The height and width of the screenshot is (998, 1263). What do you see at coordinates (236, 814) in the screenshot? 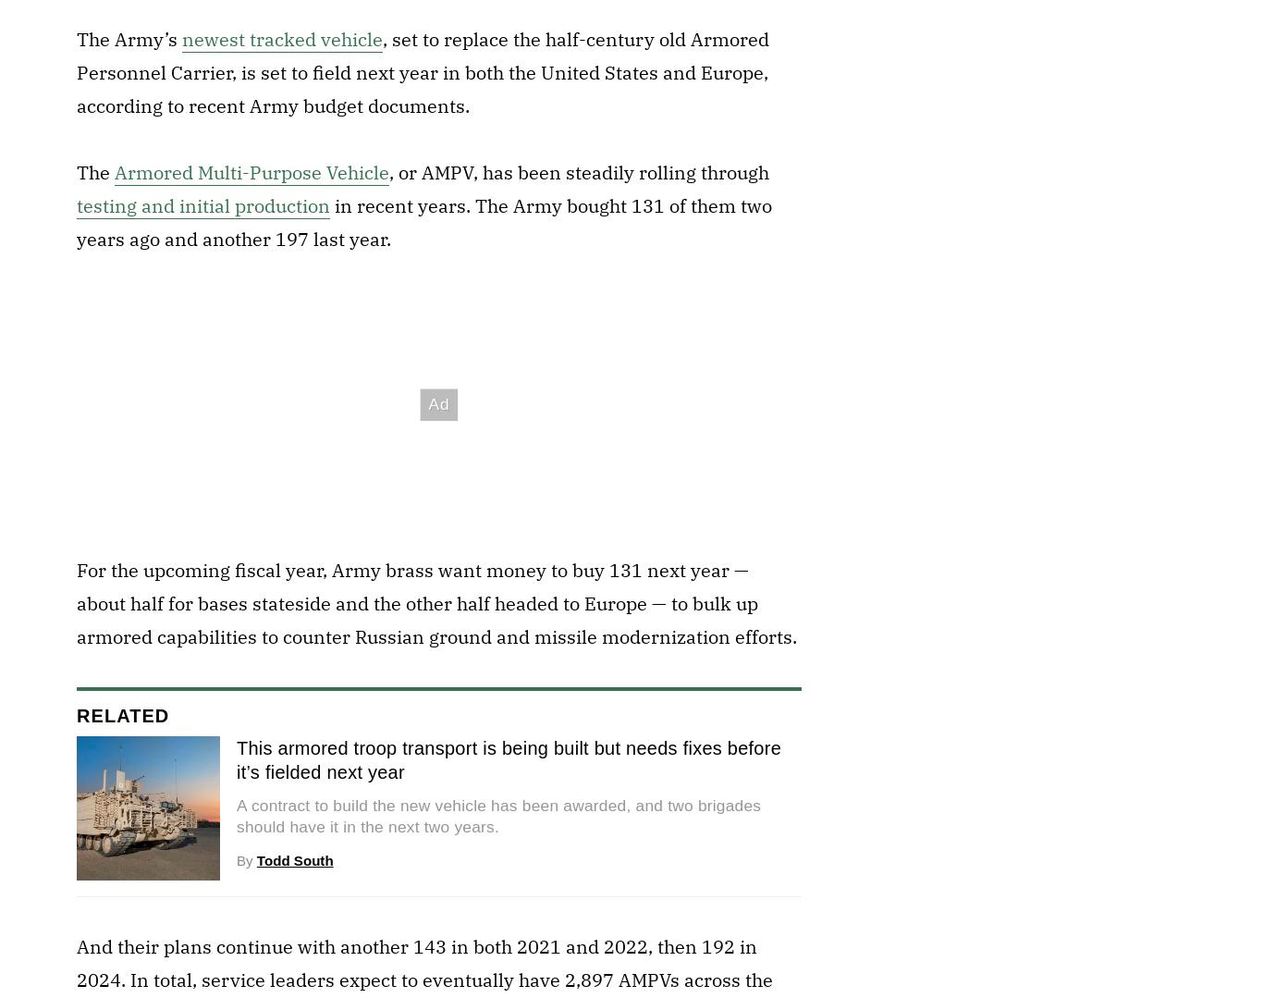
I see `'A contract to build the new vehicle has been awarded, and two brigades should have it in the next two years.'` at bounding box center [236, 814].